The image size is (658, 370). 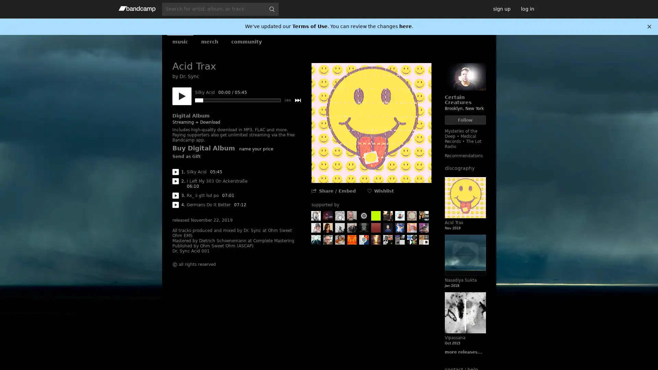 I want to click on Next track, so click(x=297, y=100).